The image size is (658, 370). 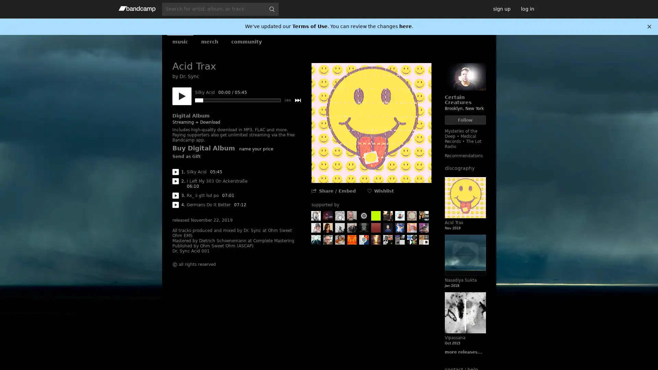 I want to click on Next track, so click(x=297, y=100).